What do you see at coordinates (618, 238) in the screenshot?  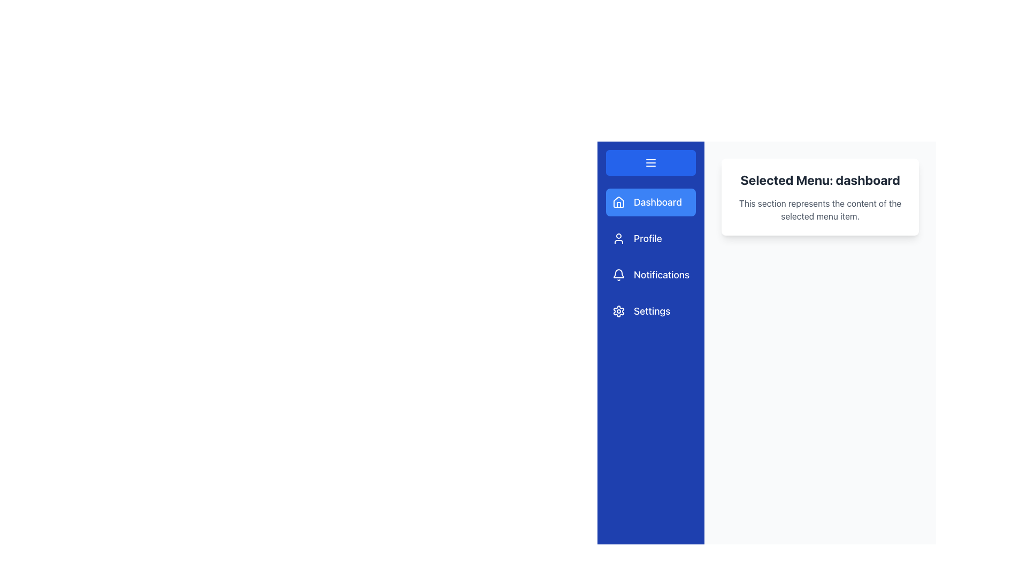 I see `the user profile icon, which is styled as a circular head and semi-circular shoulders, located to the left of the 'Profile' text in the sidebar, second menu item below 'Dashboard'` at bounding box center [618, 238].